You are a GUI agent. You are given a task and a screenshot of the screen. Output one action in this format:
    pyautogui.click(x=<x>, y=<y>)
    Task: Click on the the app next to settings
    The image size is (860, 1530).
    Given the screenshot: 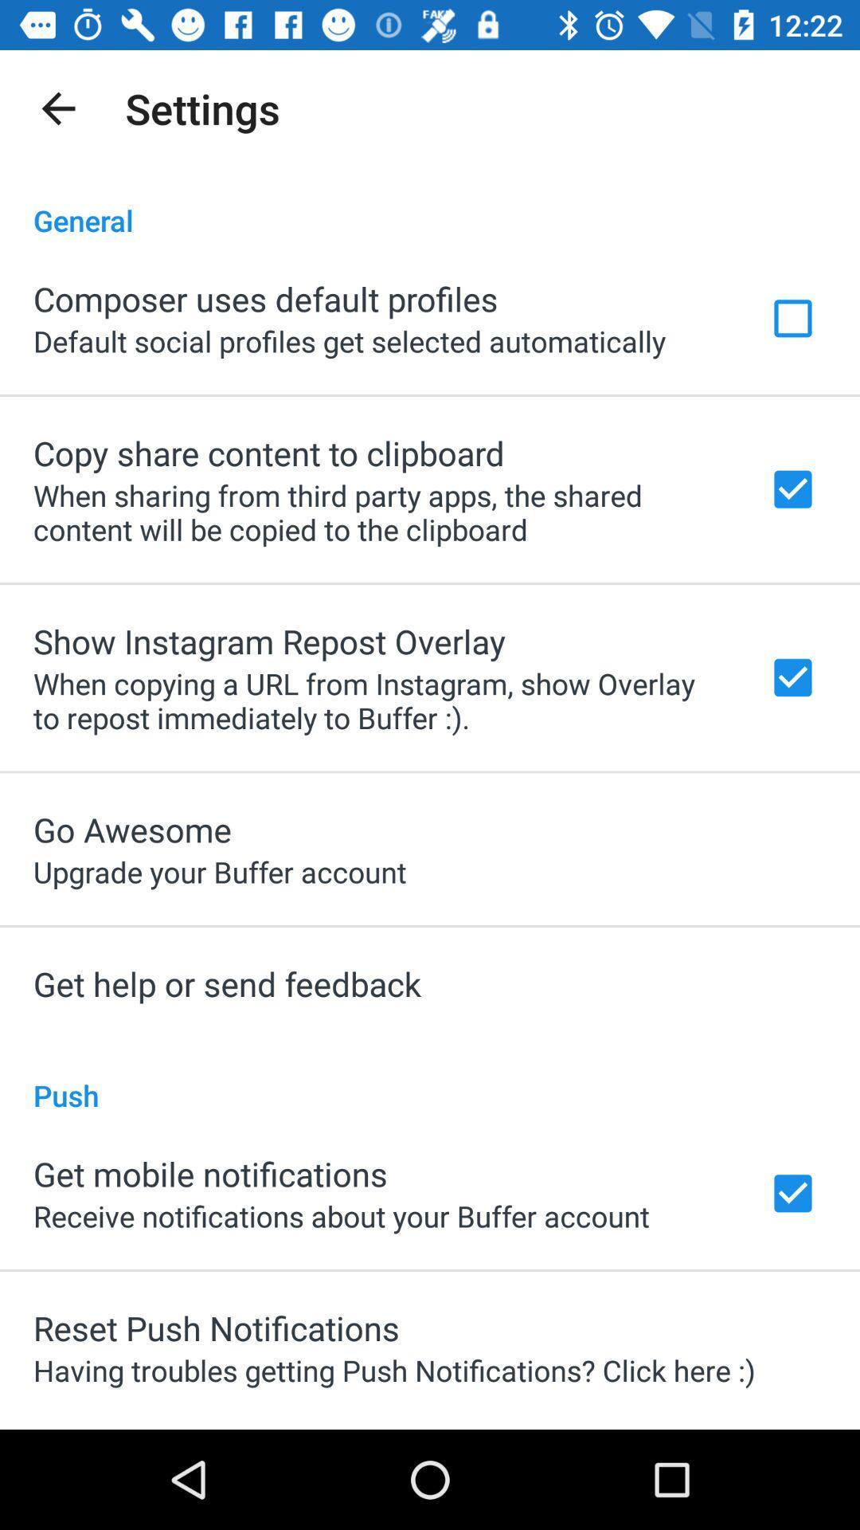 What is the action you would take?
    pyautogui.click(x=57, y=108)
    